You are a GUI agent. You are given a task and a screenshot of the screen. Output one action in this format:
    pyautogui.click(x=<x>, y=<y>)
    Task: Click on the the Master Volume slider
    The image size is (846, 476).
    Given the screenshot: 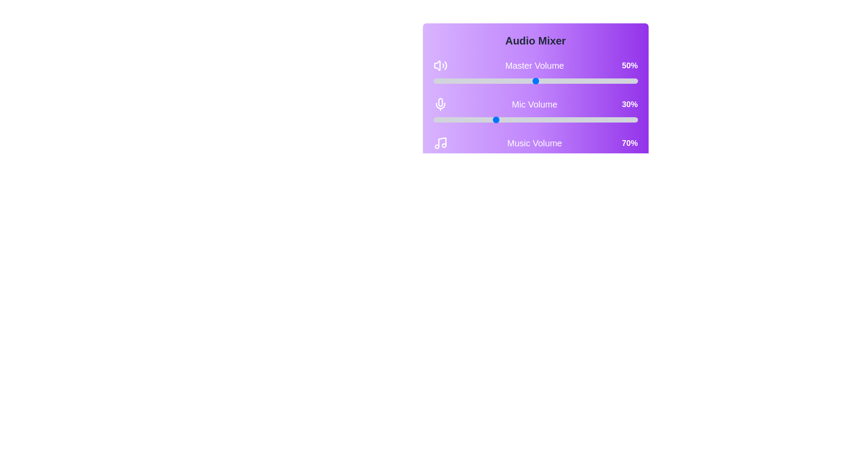 What is the action you would take?
    pyautogui.click(x=590, y=81)
    